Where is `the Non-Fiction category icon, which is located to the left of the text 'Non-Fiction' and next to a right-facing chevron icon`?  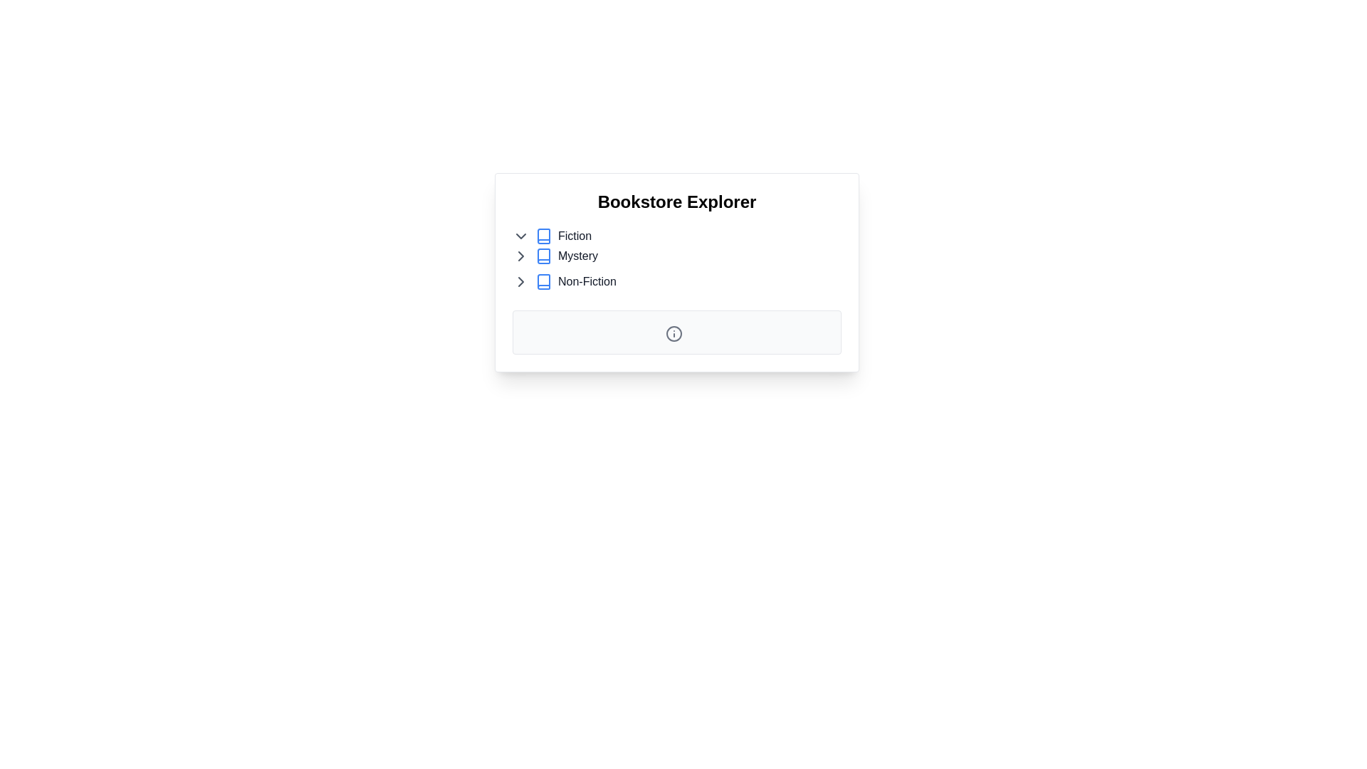 the Non-Fiction category icon, which is located to the left of the text 'Non-Fiction' and next to a right-facing chevron icon is located at coordinates (543, 282).